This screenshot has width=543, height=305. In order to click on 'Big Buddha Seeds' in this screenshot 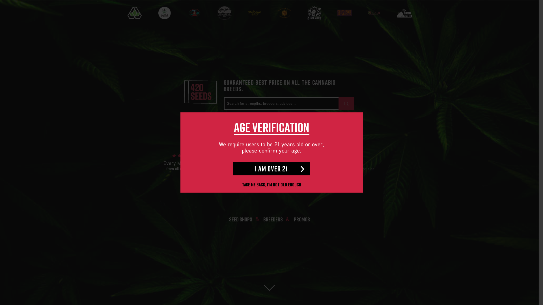, I will do `click(179, 13)`.